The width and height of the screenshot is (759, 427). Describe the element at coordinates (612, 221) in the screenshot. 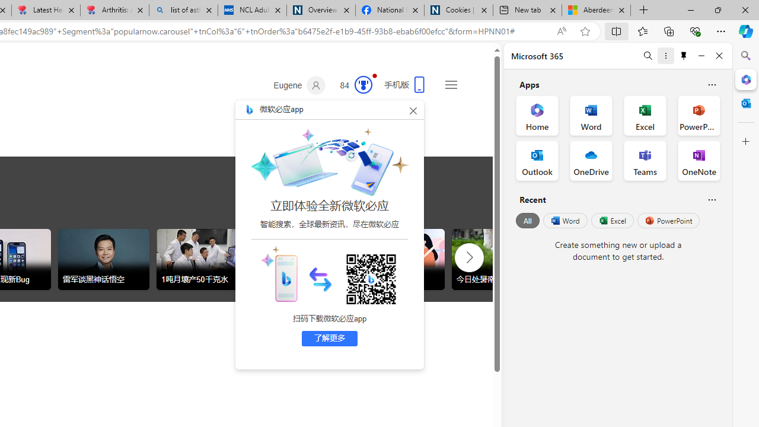

I see `'Excel'` at that location.